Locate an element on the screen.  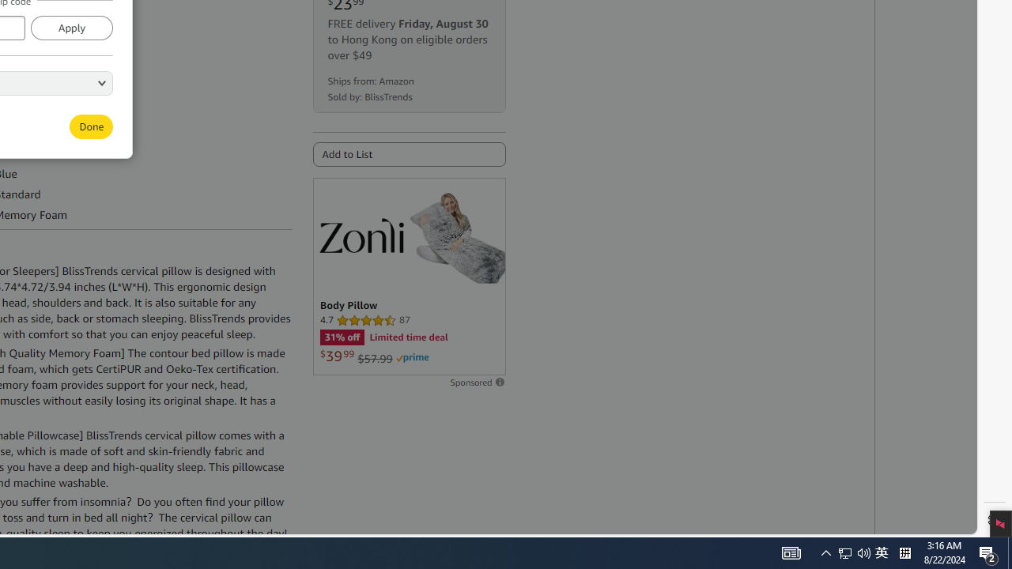
'King' is located at coordinates (40, 98).